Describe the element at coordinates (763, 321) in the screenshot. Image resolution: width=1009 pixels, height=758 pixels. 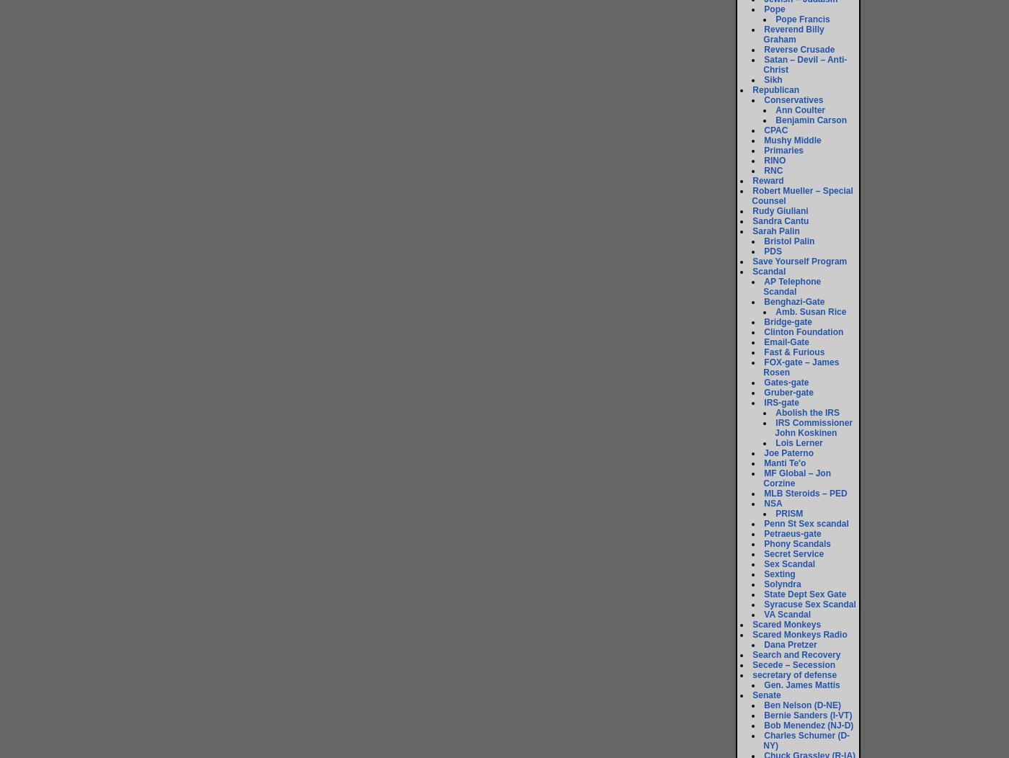
I see `'Bridge-gate'` at that location.